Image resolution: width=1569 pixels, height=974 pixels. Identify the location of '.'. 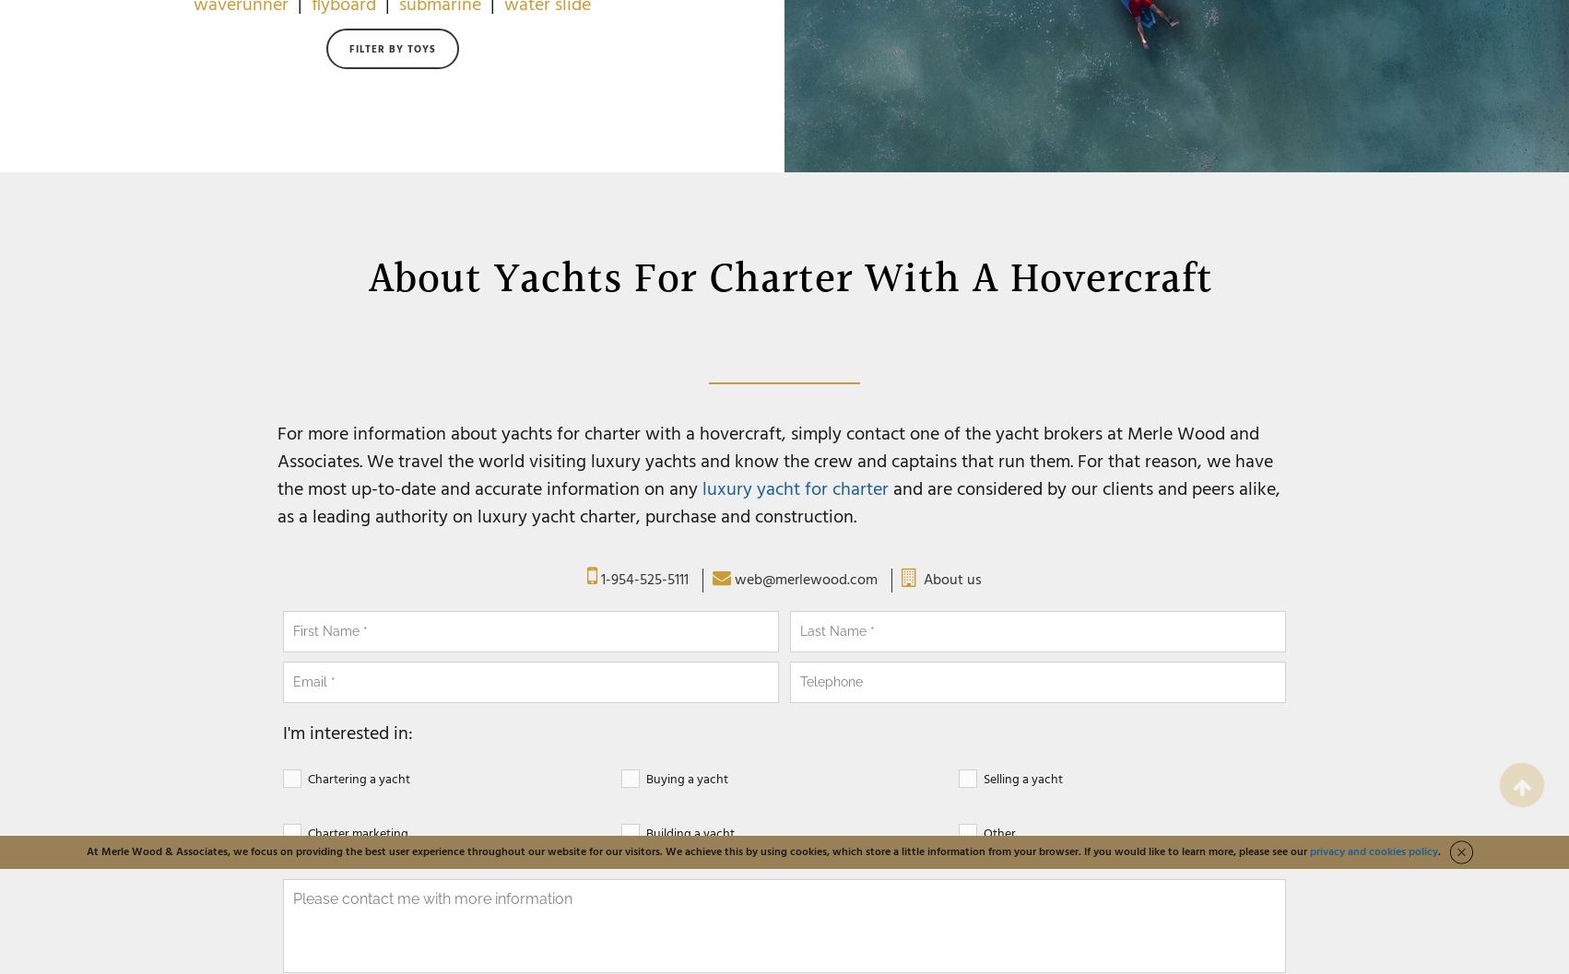
(1438, 851).